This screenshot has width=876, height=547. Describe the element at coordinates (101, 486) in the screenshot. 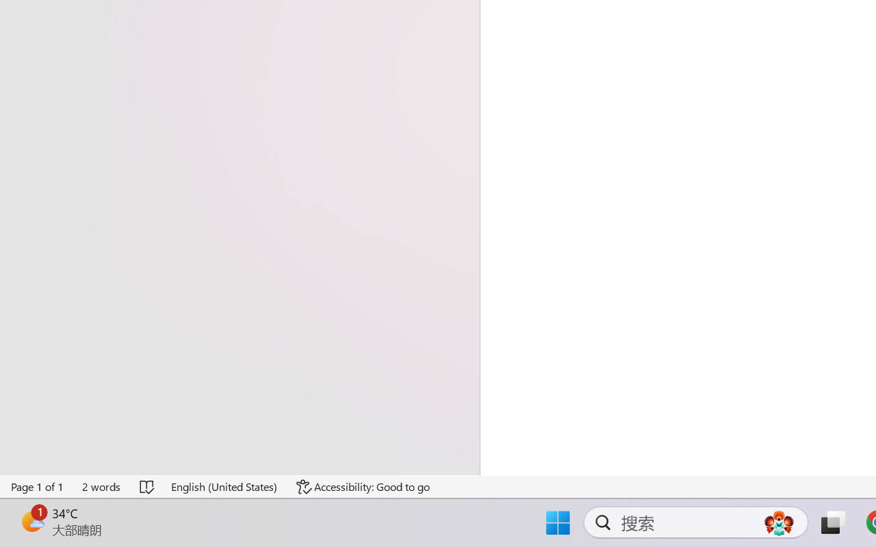

I see `'Word Count 2 words'` at that location.